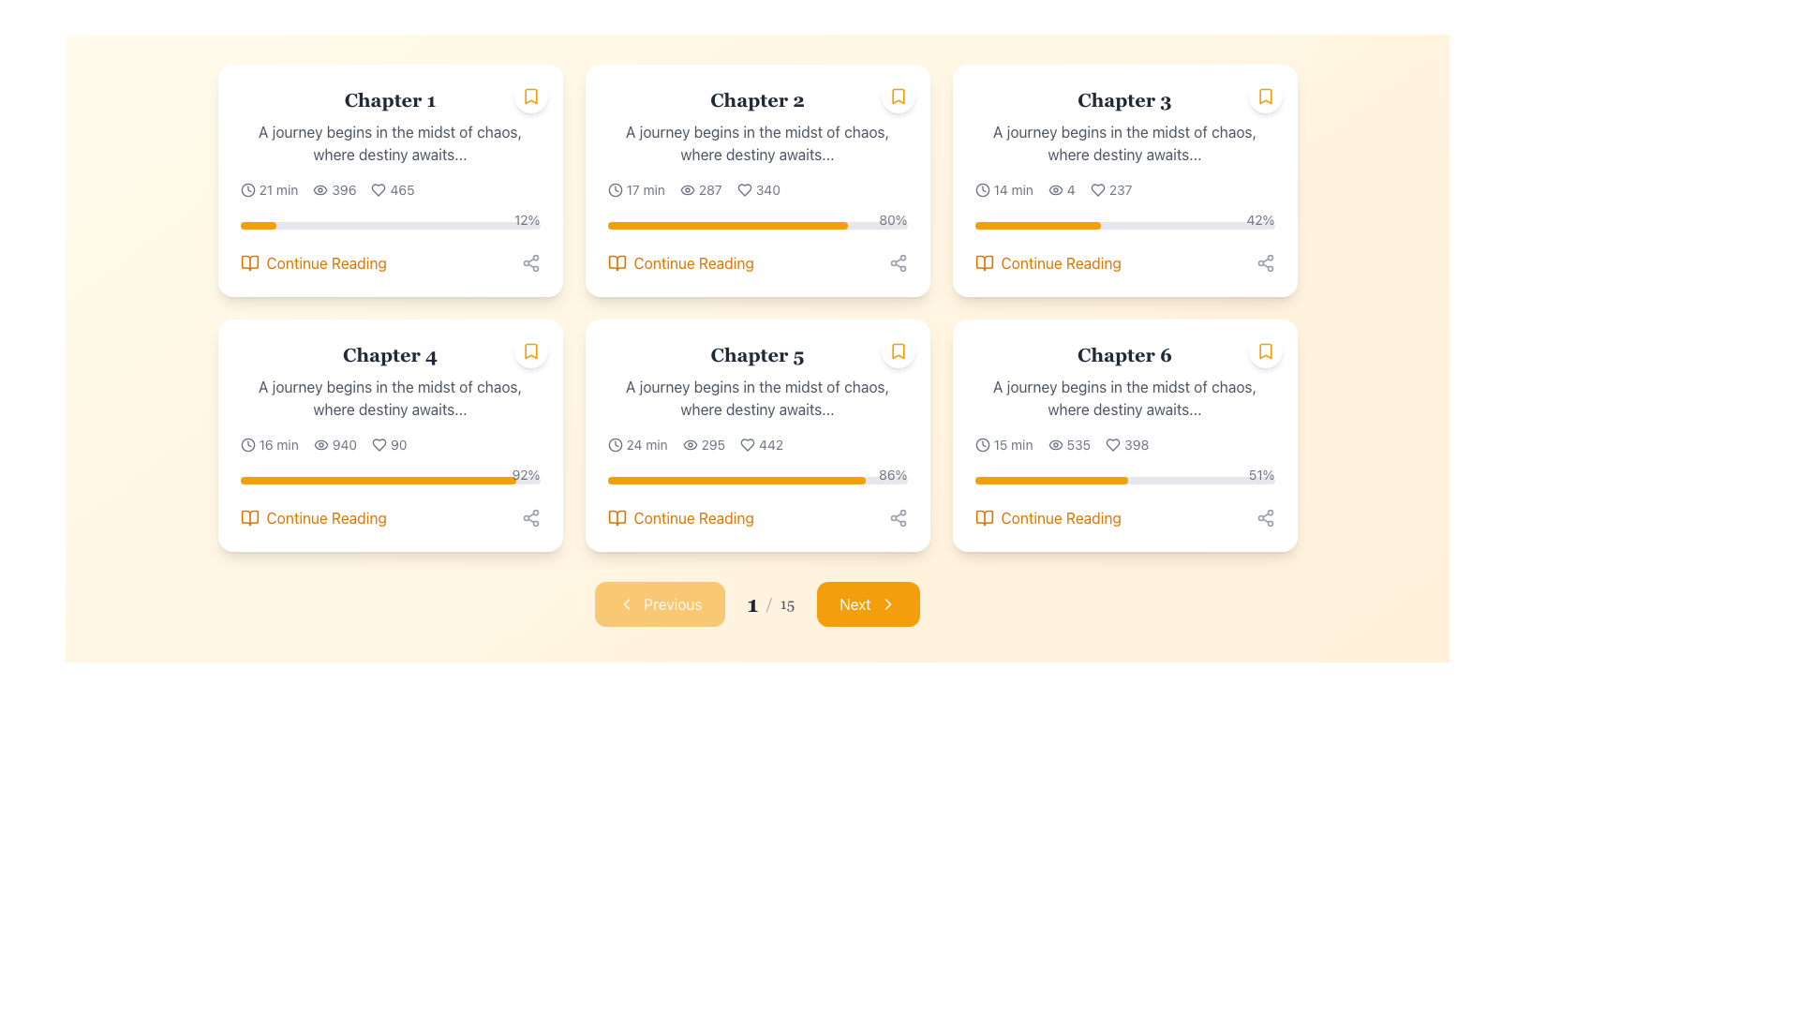 This screenshot has height=1012, width=1799. Describe the element at coordinates (529, 350) in the screenshot. I see `the bookmark icon located in the top right corner of the 'Chapter 4' card` at that location.